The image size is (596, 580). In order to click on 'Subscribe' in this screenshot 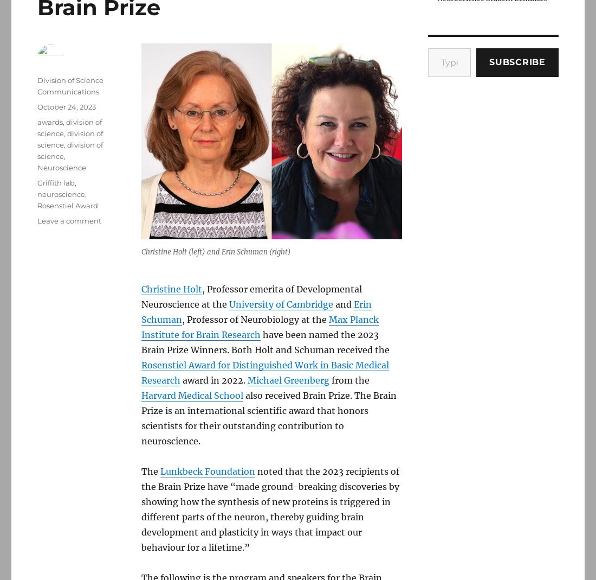, I will do `click(489, 61)`.